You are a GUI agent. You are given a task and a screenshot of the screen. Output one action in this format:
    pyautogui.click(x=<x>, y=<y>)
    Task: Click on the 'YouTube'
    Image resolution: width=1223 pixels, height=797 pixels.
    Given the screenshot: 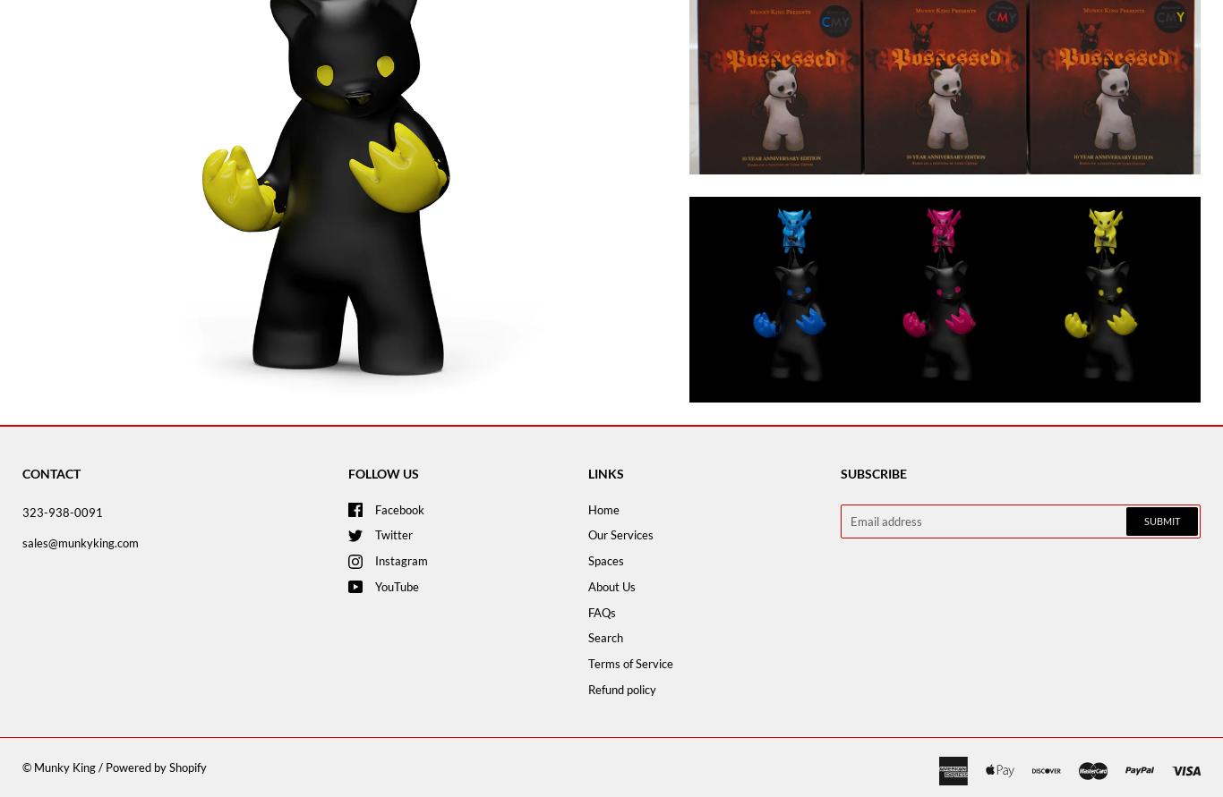 What is the action you would take?
    pyautogui.click(x=373, y=584)
    